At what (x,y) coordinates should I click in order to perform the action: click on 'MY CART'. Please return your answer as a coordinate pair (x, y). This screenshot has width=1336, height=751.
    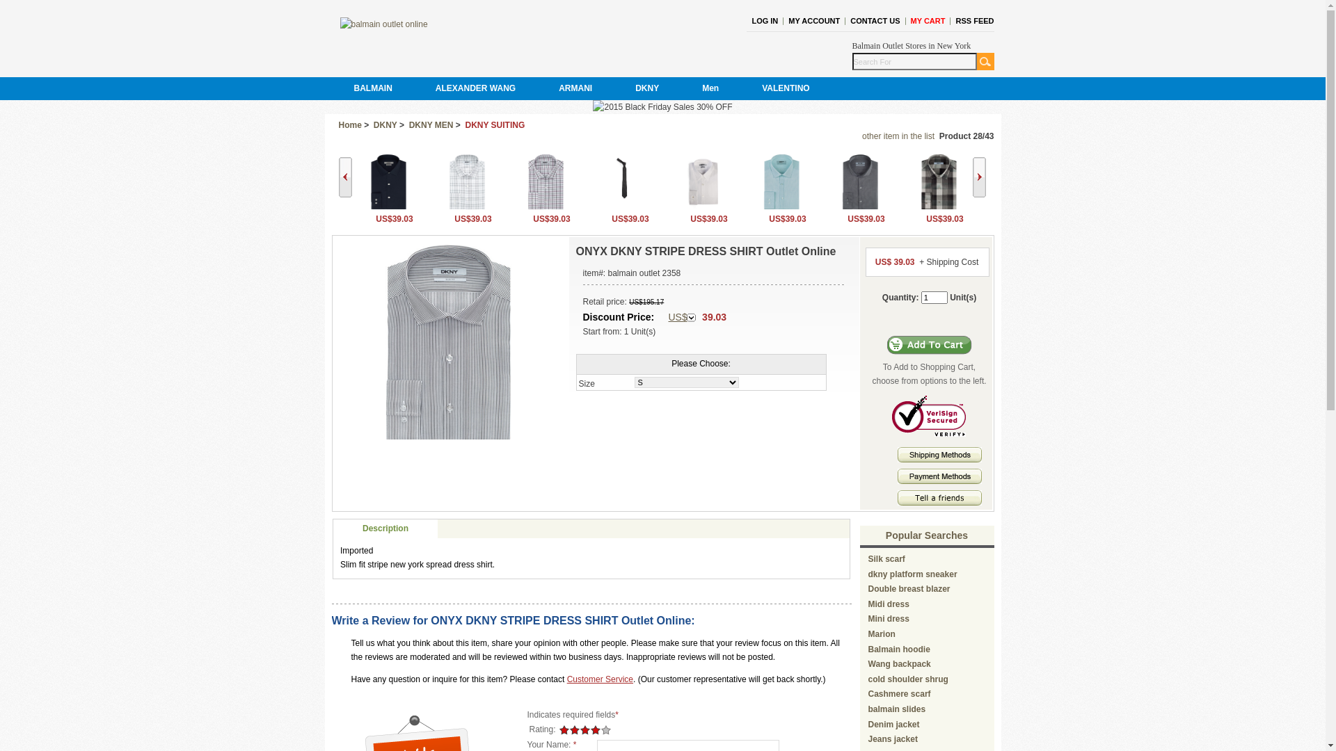
    Looking at the image, I should click on (928, 21).